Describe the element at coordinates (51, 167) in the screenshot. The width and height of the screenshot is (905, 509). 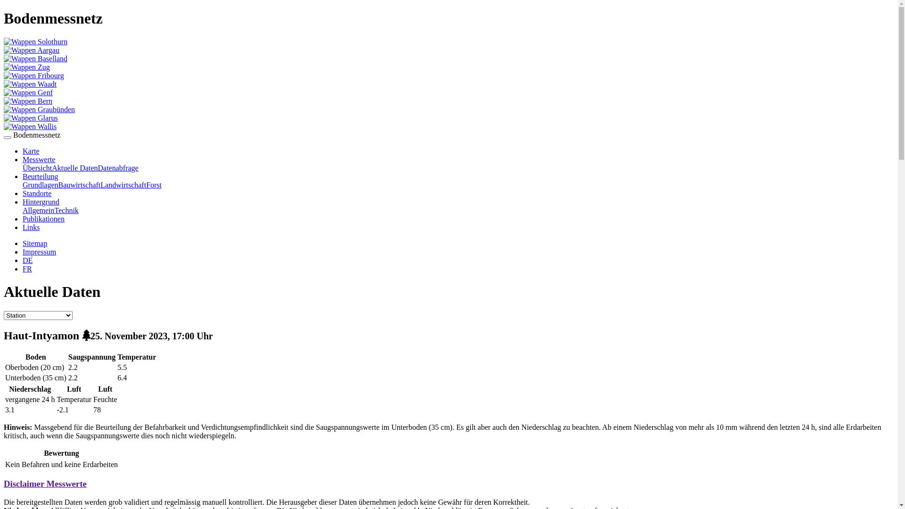
I see `'Aktuelle Daten'` at that location.